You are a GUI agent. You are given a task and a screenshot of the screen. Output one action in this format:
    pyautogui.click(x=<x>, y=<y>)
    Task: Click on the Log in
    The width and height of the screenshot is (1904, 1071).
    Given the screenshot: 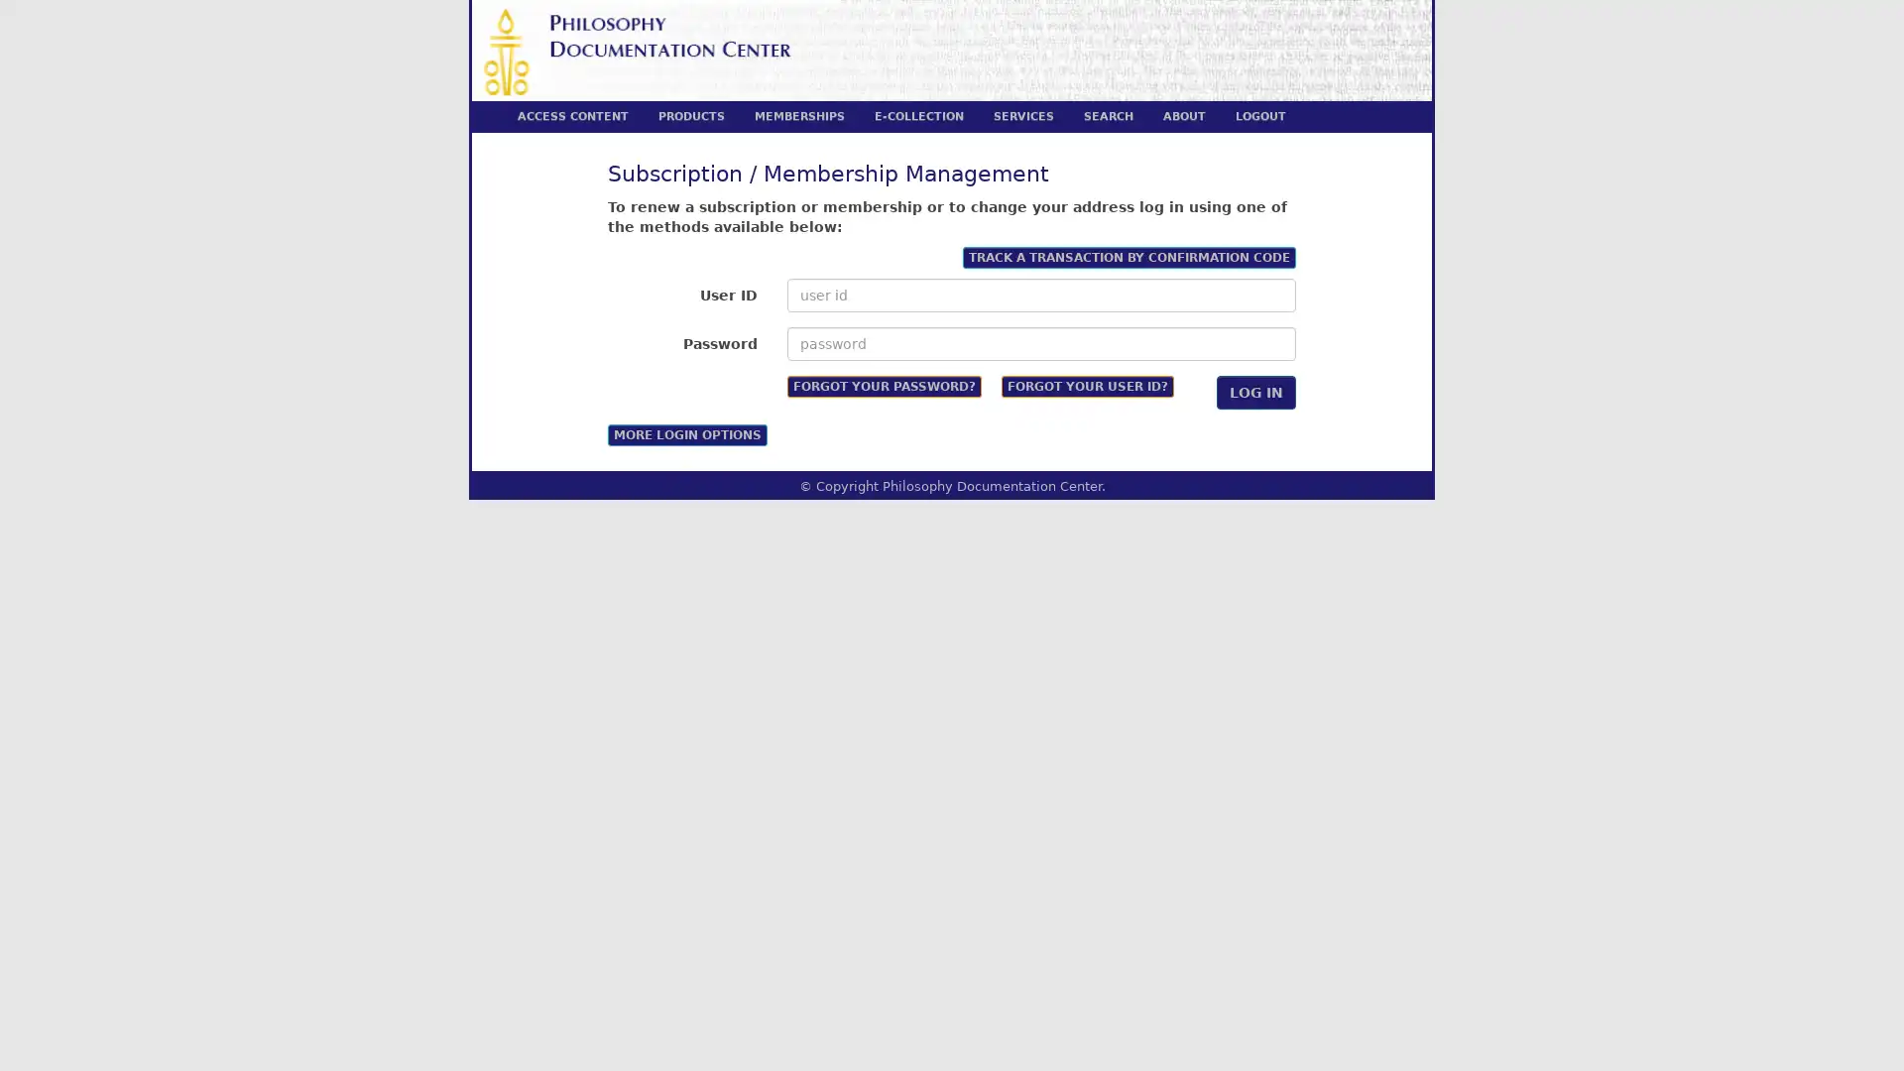 What is the action you would take?
    pyautogui.click(x=1255, y=391)
    